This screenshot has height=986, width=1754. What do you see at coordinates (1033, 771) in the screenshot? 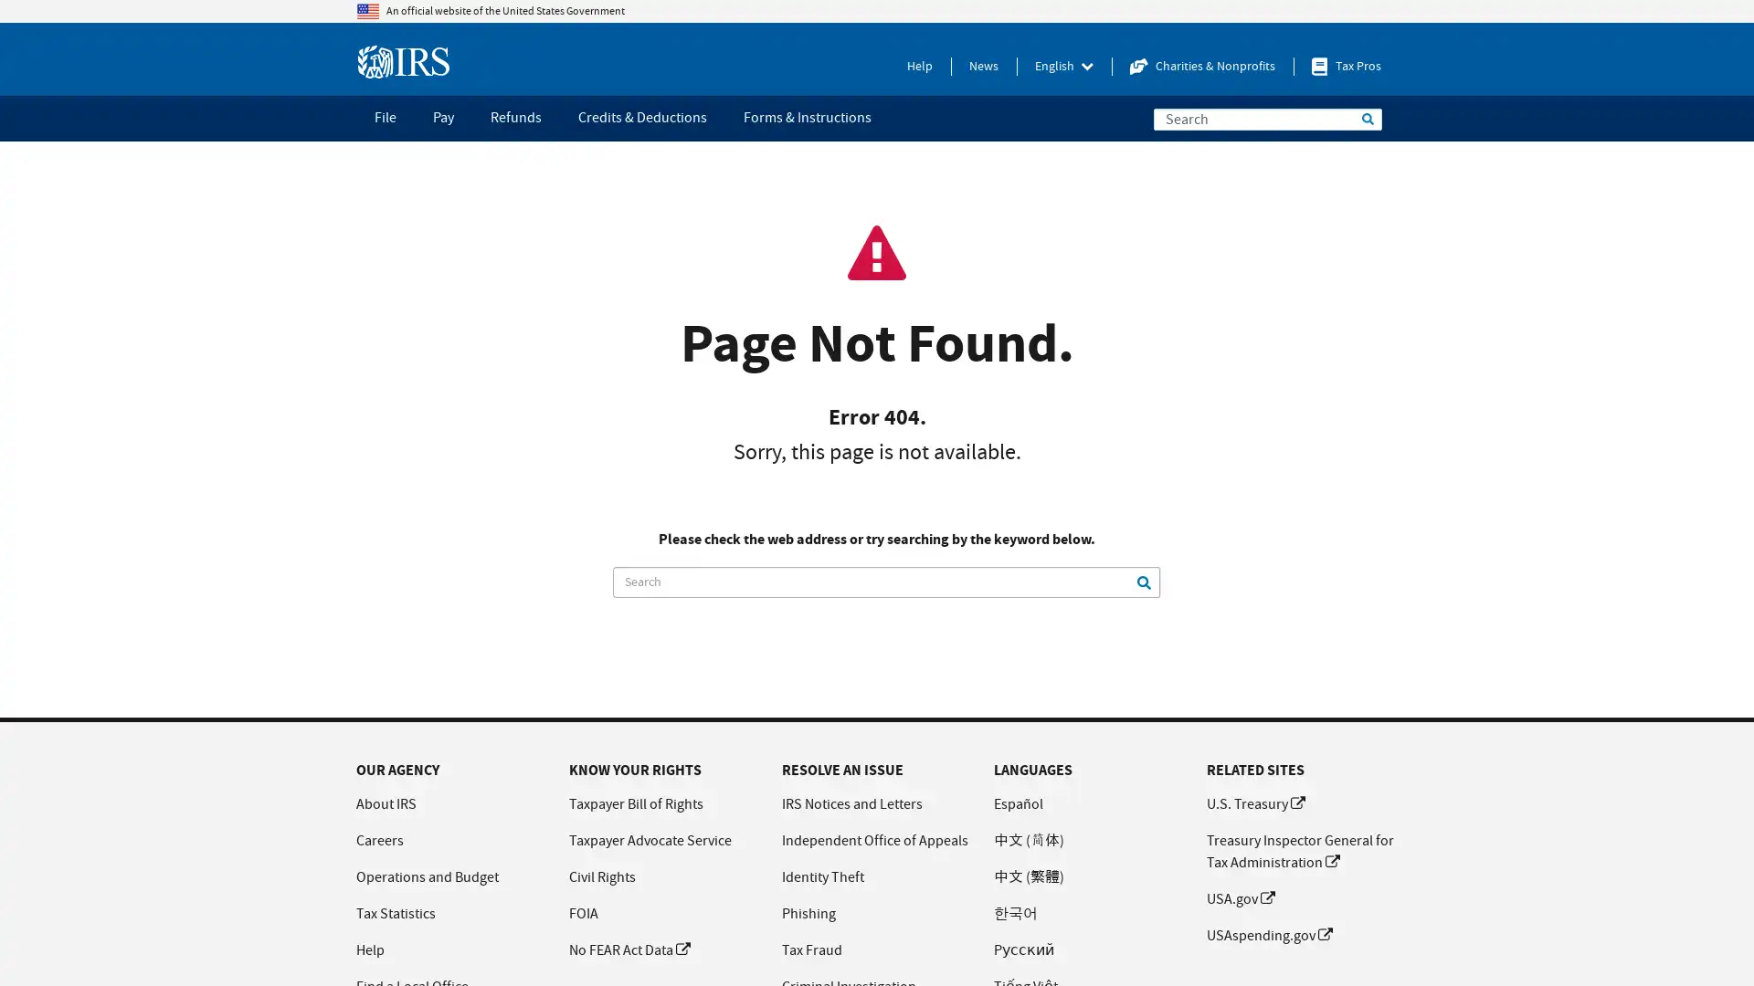
I see `LANGUAGES` at bounding box center [1033, 771].